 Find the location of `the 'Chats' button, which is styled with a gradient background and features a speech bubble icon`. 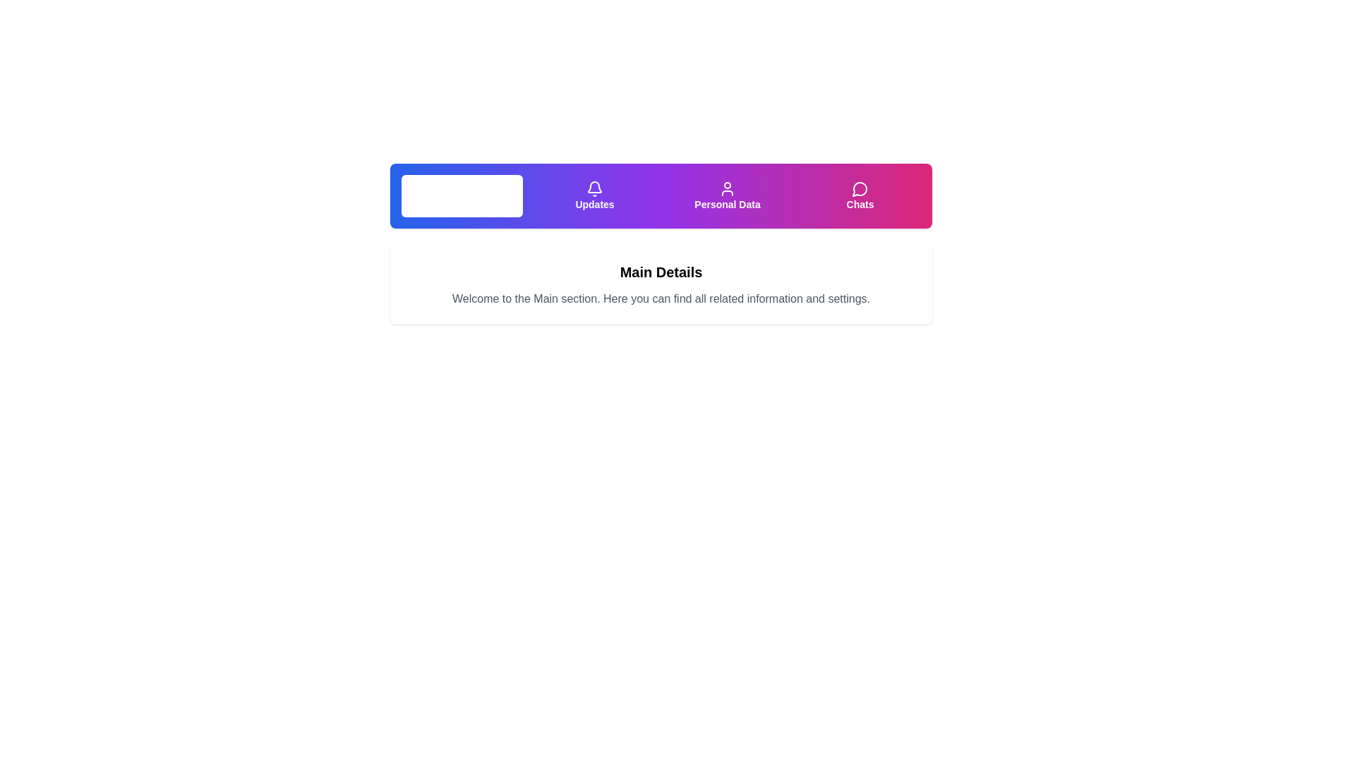

the 'Chats' button, which is styled with a gradient background and features a speech bubble icon is located at coordinates (860, 195).